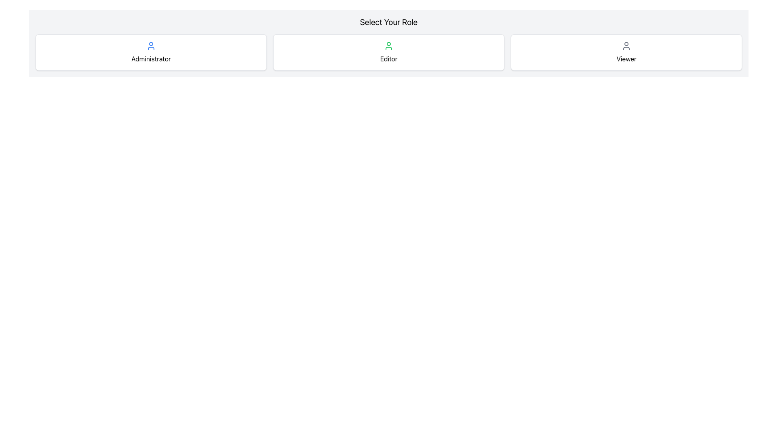 This screenshot has height=436, width=776. Describe the element at coordinates (388, 59) in the screenshot. I see `the Text Label that identifies the Editor role, located centrally below the green user profile icon` at that location.